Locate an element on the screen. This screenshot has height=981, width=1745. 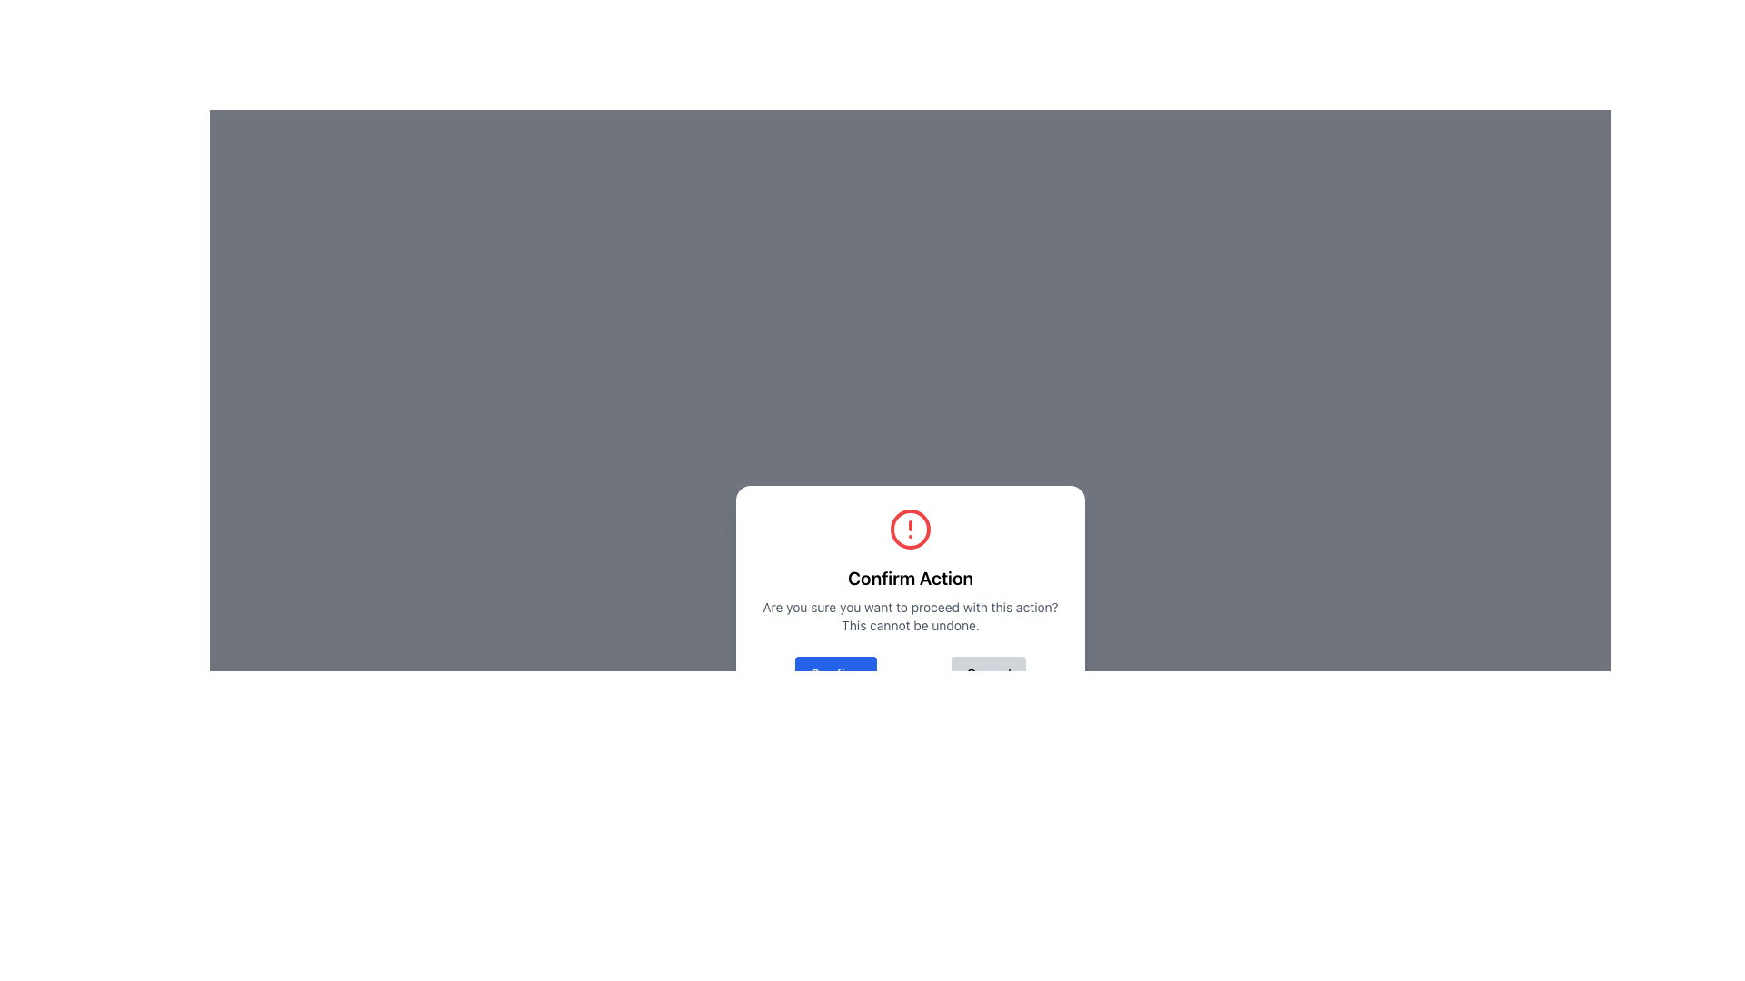
the 'Cancel' button, which has a gray background and rounded corners is located at coordinates (988, 675).